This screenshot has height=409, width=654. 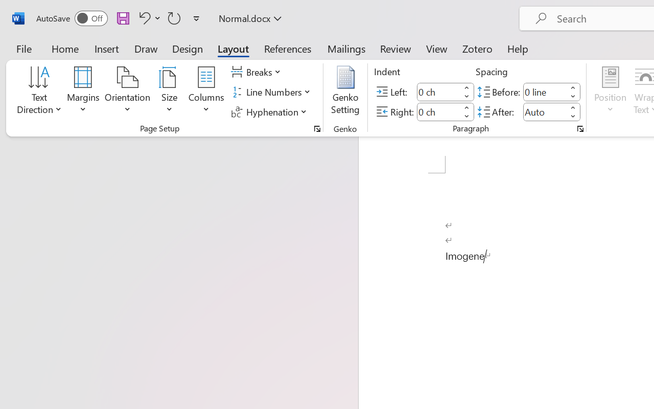 I want to click on 'Text Direction', so click(x=39, y=92).